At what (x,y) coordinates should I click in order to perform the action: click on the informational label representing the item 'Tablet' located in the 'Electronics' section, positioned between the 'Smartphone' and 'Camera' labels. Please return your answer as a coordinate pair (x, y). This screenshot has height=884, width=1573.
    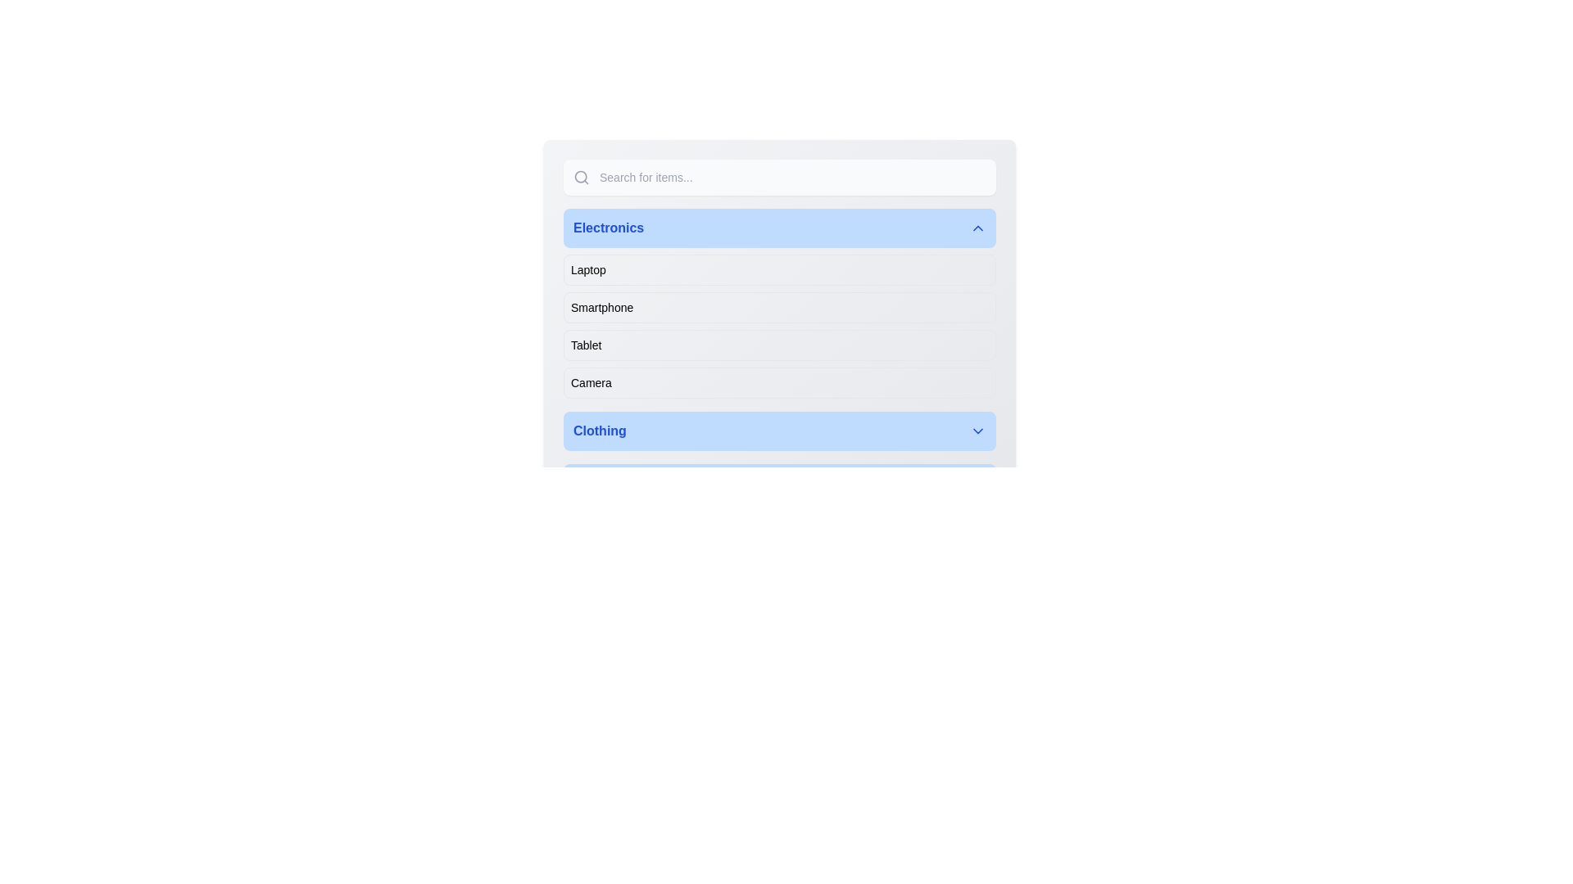
    Looking at the image, I should click on (586, 344).